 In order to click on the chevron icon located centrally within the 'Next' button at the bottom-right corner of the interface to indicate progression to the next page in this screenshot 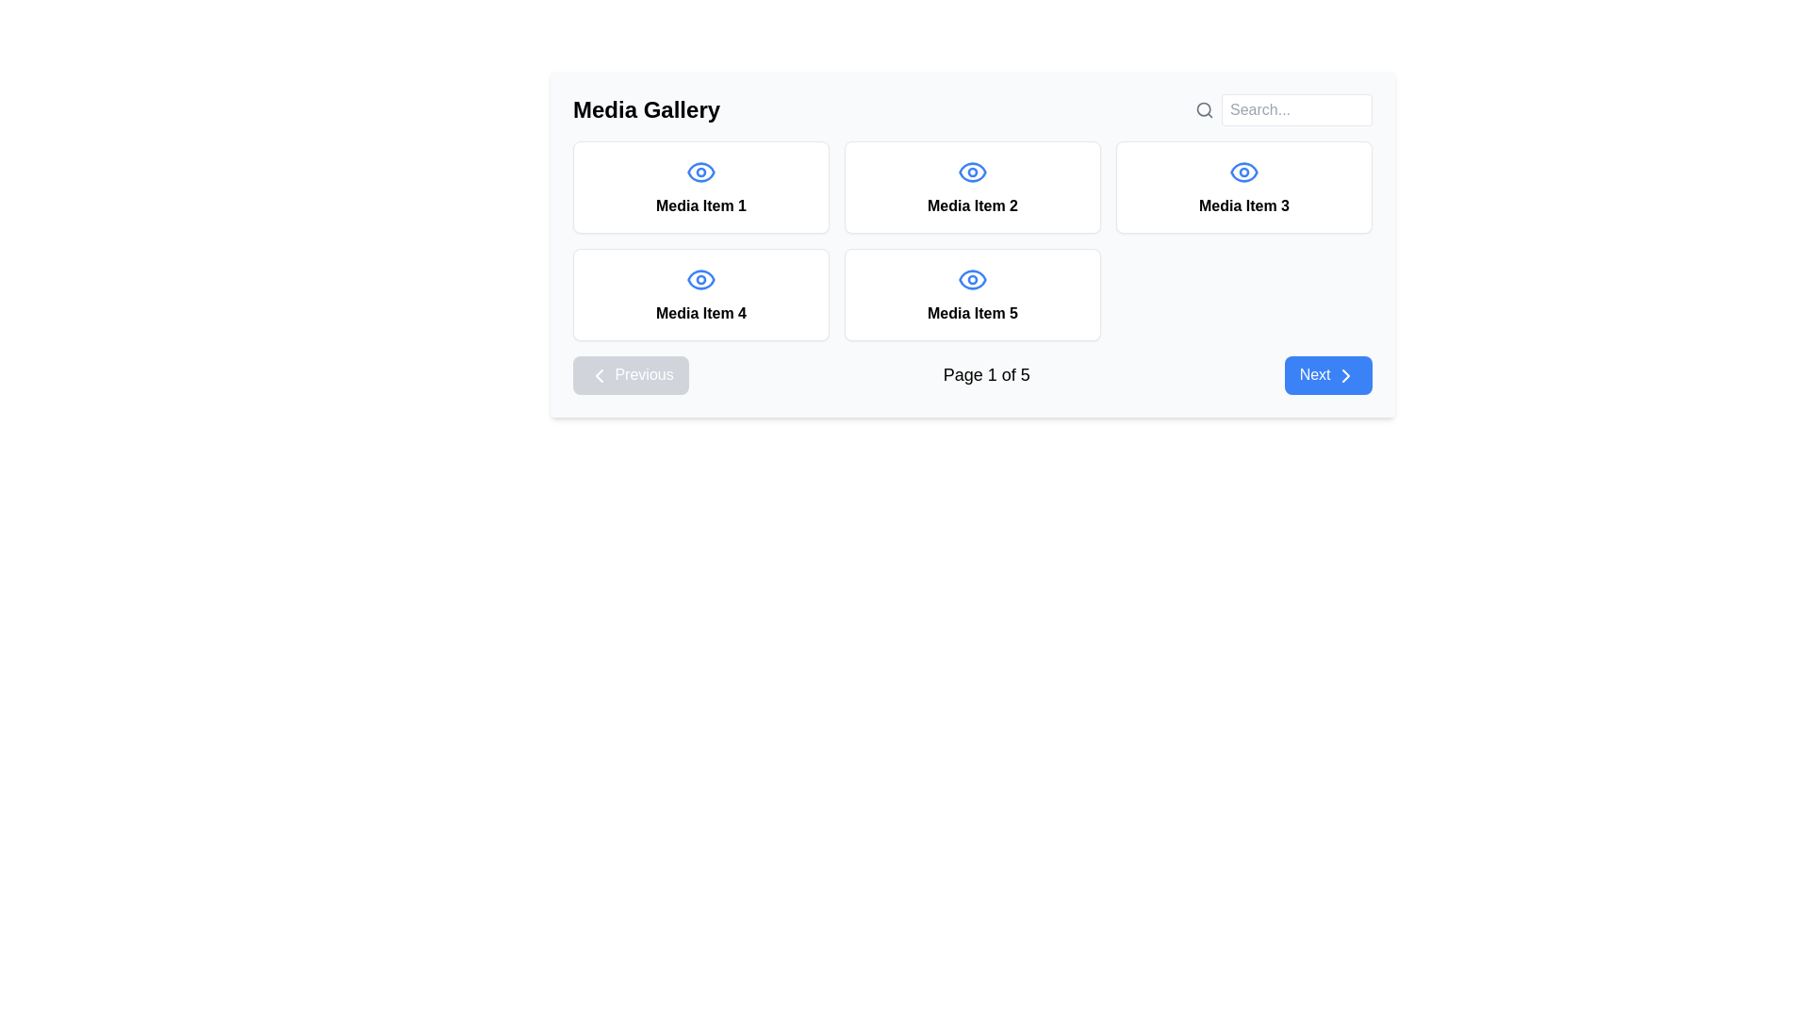, I will do `click(1344, 375)`.